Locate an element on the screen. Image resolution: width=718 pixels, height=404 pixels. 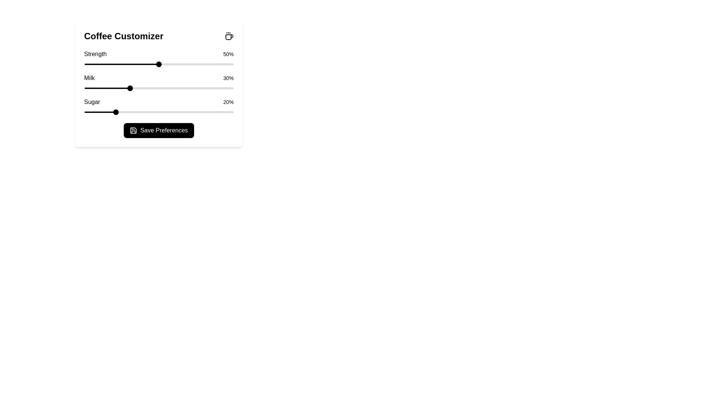
title 'Milk' and the value '30%' from the slider component located in the 'Coffee Customizer' panel, which is the second section below the title and above the 'Sugar' section is located at coordinates (159, 82).